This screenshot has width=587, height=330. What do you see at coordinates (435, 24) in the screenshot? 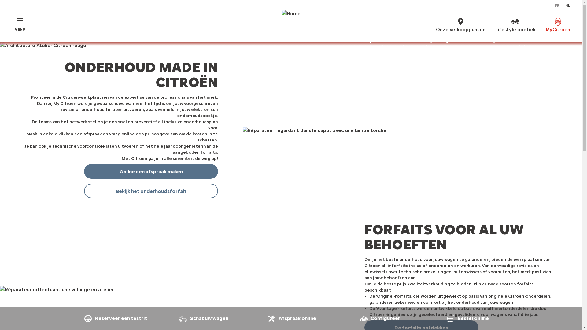
I see `'Onze verkooppunten'` at bounding box center [435, 24].